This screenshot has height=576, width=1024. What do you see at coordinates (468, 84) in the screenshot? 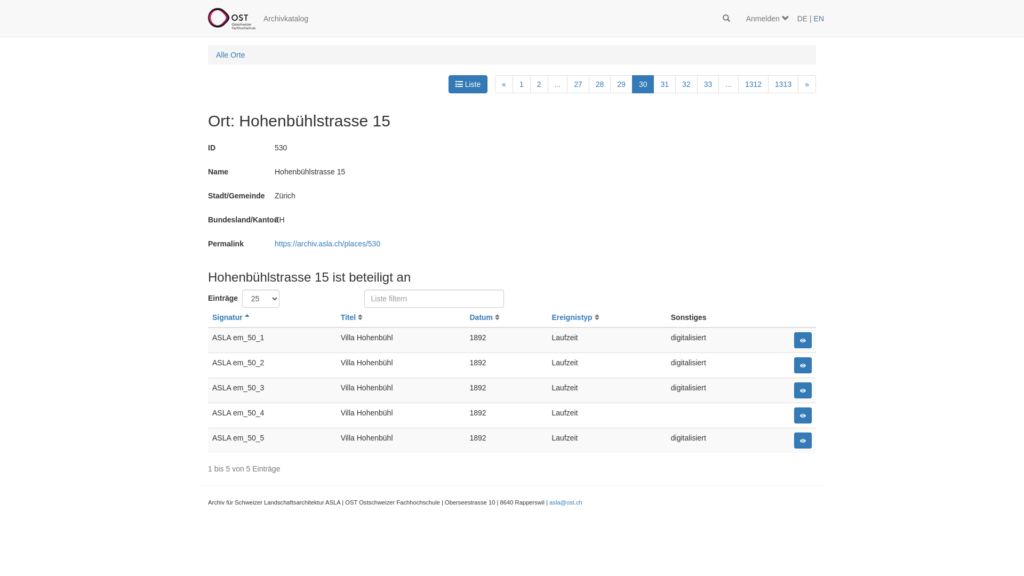
I see `'Liste'` at bounding box center [468, 84].